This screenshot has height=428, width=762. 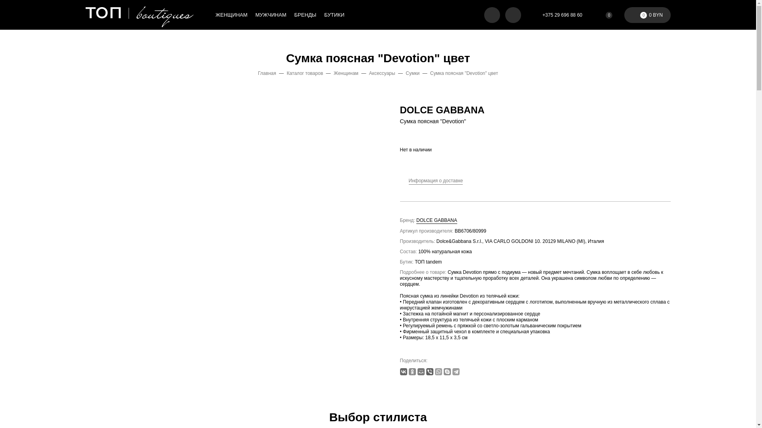 I want to click on '+375 29 696 88 60', so click(x=557, y=15).